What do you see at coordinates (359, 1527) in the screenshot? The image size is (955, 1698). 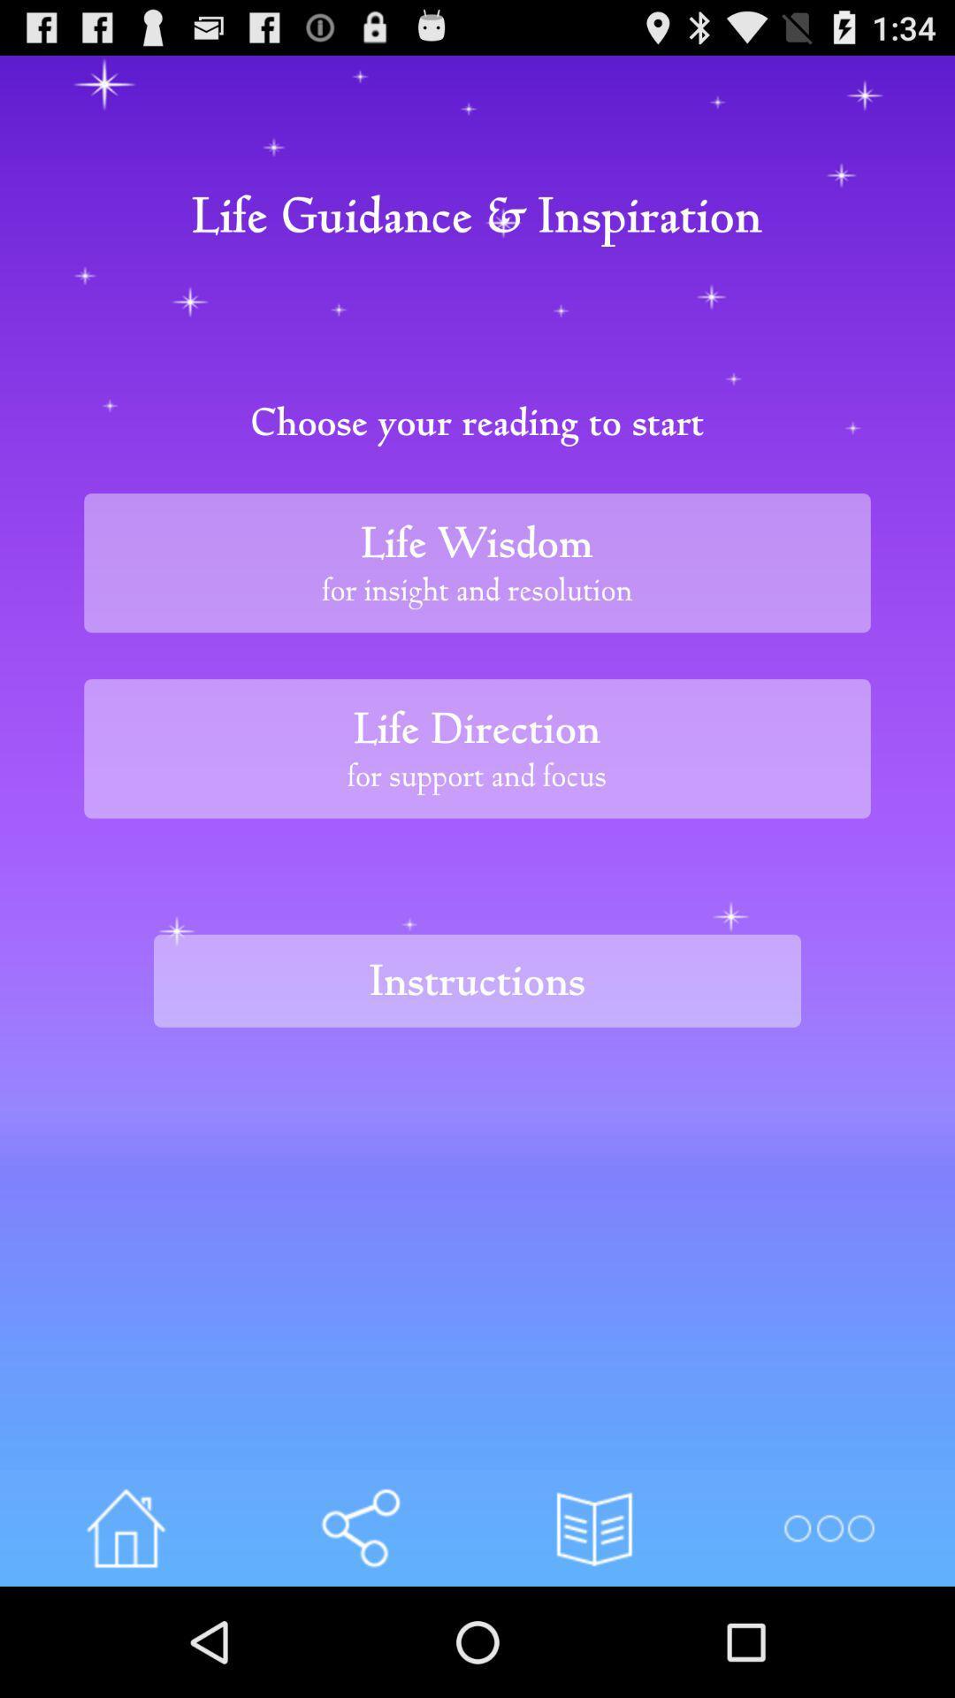 I see `the button below instructions button` at bounding box center [359, 1527].